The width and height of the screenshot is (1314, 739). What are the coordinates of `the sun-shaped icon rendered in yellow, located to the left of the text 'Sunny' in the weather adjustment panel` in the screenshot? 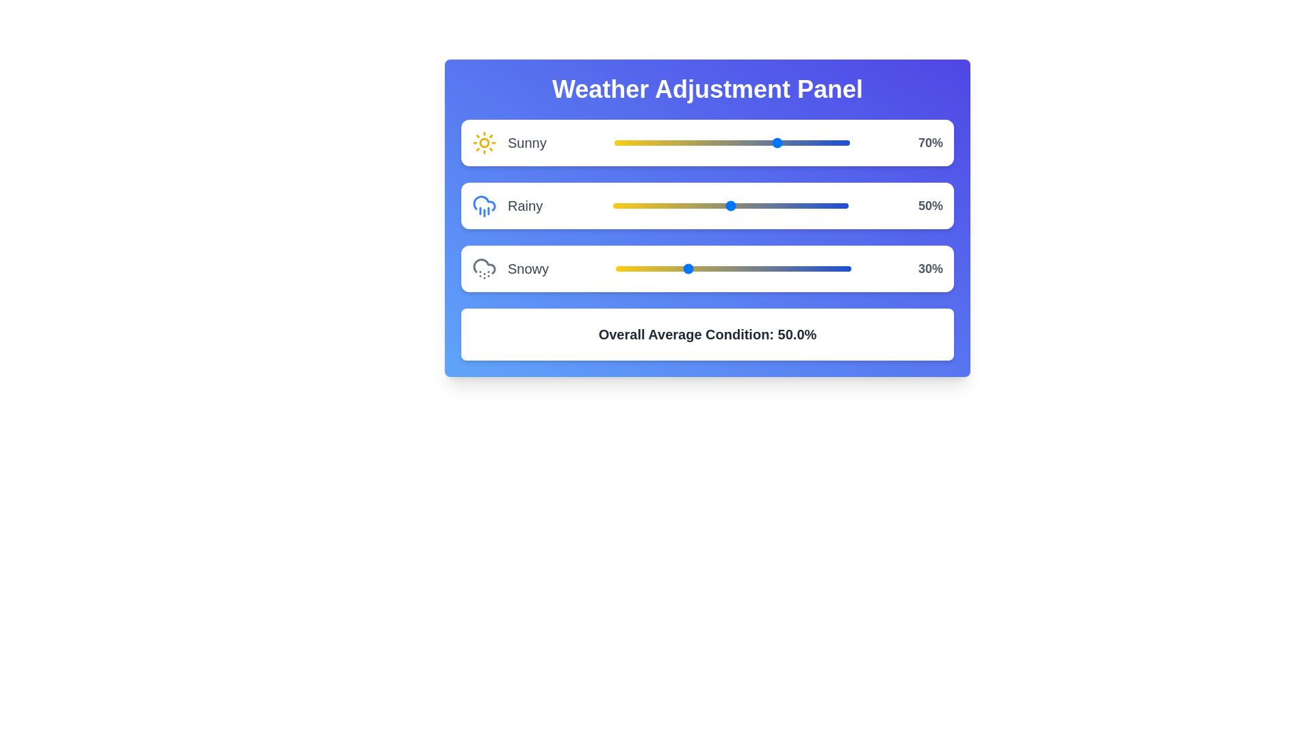 It's located at (485, 142).